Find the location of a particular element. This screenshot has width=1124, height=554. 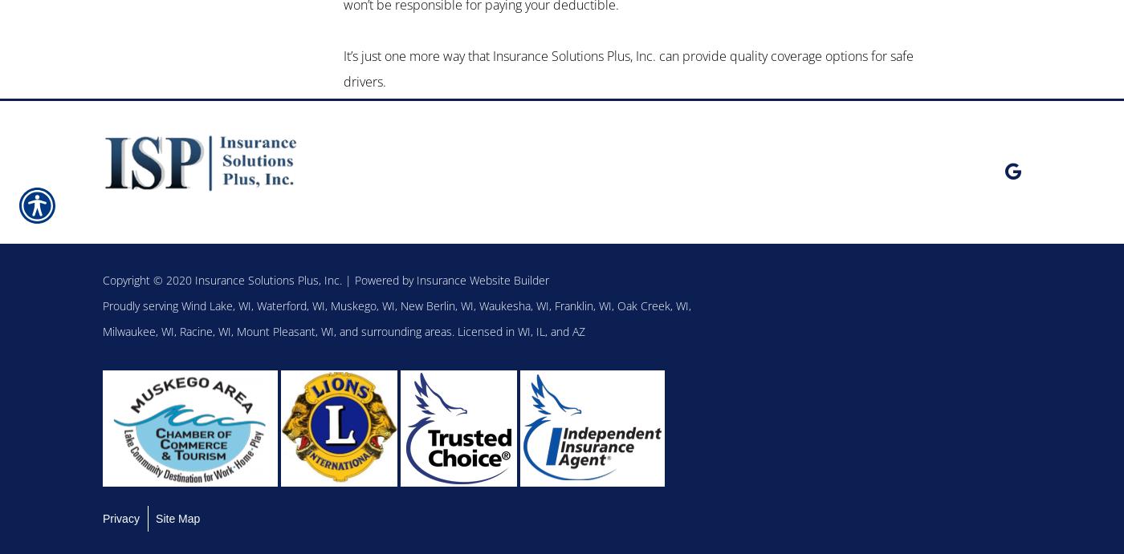

'Copyright © 2020 Insurance Solutions Plus, Inc.  |' is located at coordinates (102, 278).